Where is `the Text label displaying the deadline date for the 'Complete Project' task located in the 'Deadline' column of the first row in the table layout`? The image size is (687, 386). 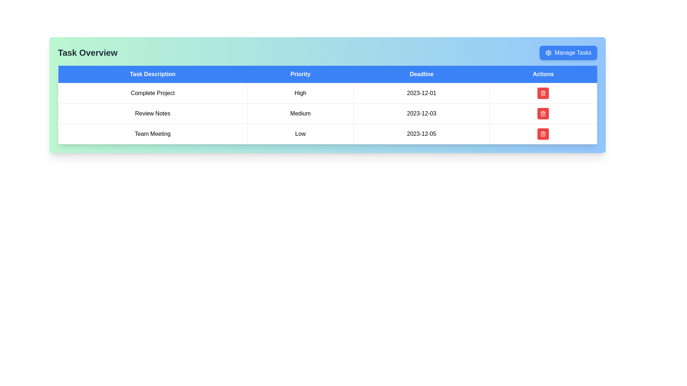
the Text label displaying the deadline date for the 'Complete Project' task located in the 'Deadline' column of the first row in the table layout is located at coordinates (422, 93).